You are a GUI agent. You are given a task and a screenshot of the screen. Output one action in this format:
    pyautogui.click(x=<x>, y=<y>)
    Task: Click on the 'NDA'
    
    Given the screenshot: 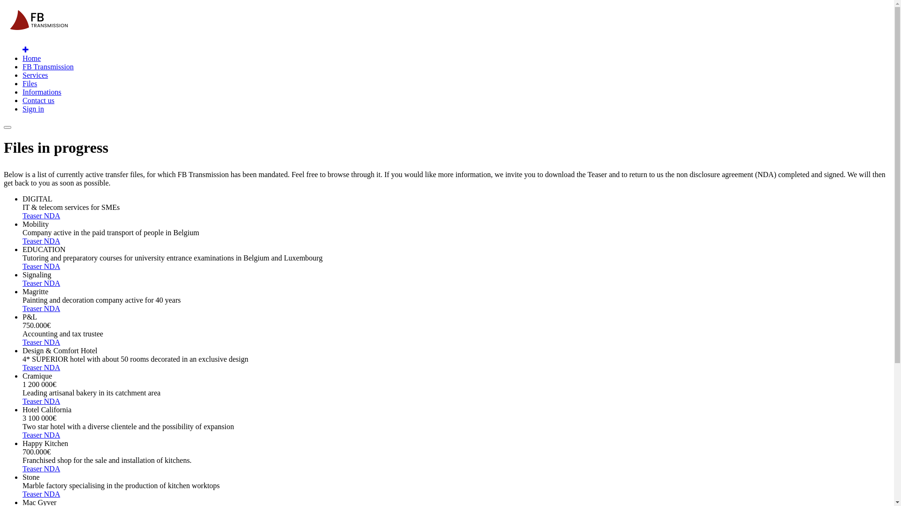 What is the action you would take?
    pyautogui.click(x=52, y=469)
    